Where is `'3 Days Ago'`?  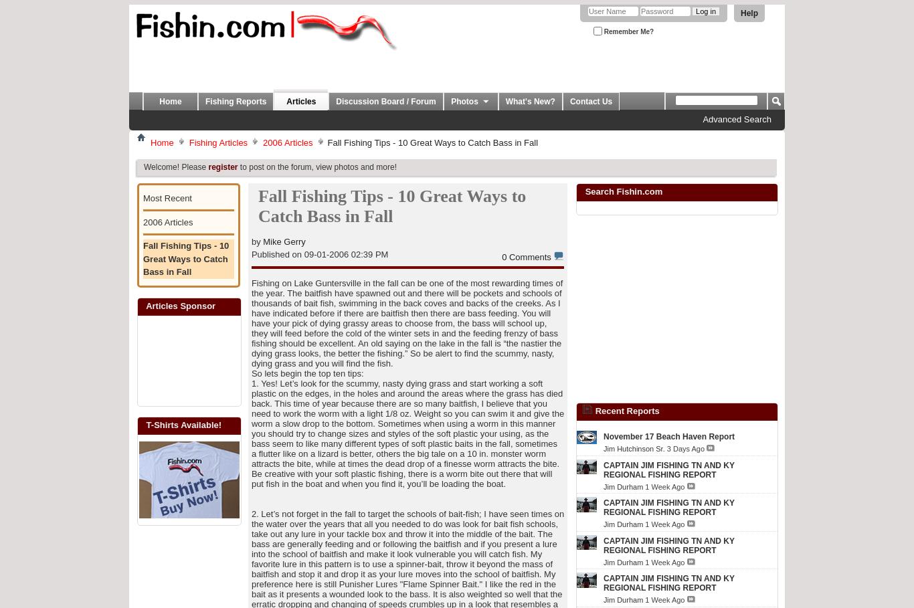
'3 Days Ago' is located at coordinates (685, 449).